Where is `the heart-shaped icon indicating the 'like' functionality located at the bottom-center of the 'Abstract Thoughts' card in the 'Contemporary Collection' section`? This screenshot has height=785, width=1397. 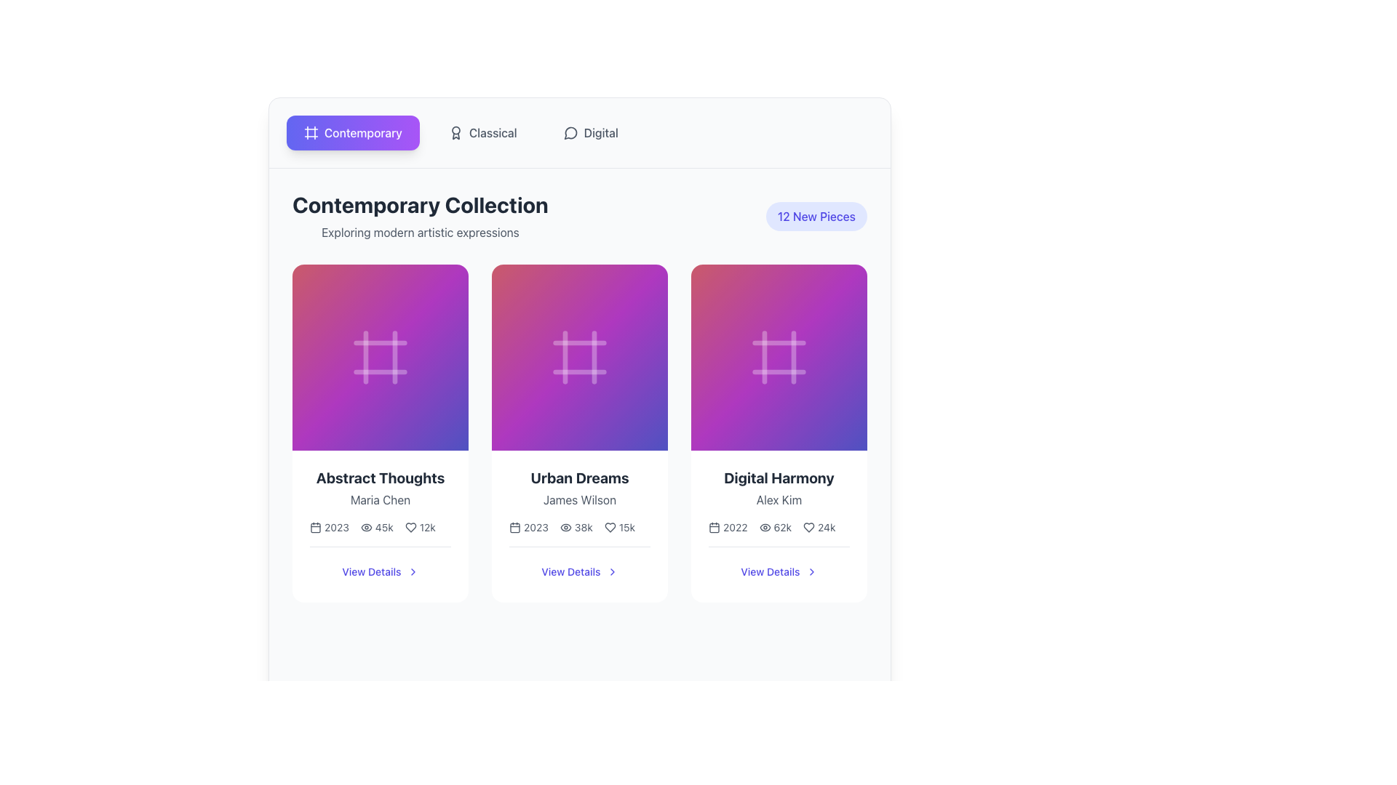 the heart-shaped icon indicating the 'like' functionality located at the bottom-center of the 'Abstract Thoughts' card in the 'Contemporary Collection' section is located at coordinates (410, 527).